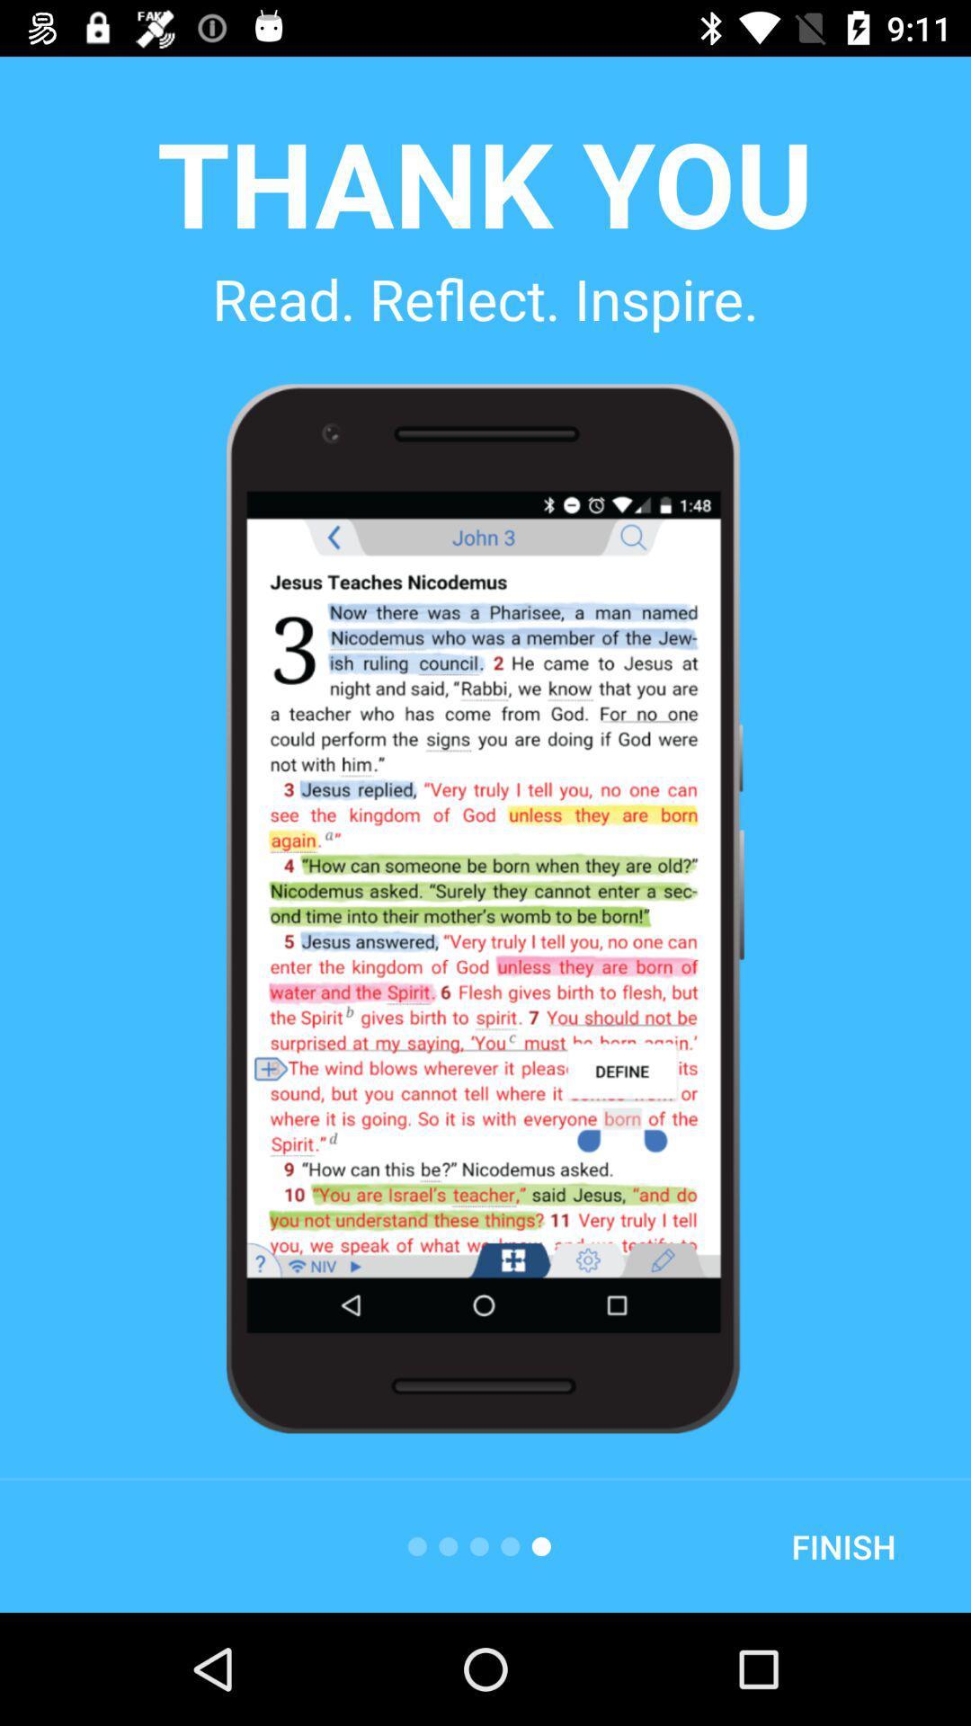 This screenshot has width=971, height=1726. Describe the element at coordinates (843, 1545) in the screenshot. I see `item at the bottom right corner` at that location.